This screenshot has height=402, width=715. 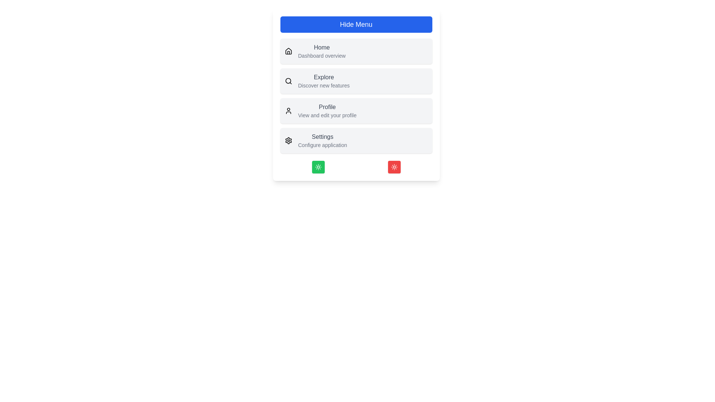 What do you see at coordinates (322, 47) in the screenshot?
I see `the menu item labeled 'Home' to view its details` at bounding box center [322, 47].